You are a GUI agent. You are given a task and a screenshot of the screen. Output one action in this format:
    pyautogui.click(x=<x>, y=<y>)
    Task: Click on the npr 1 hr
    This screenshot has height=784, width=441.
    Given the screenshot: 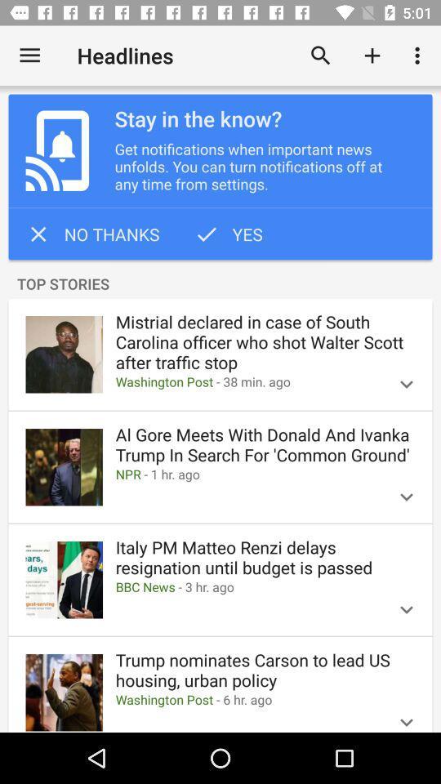 What is the action you would take?
    pyautogui.click(x=245, y=474)
    